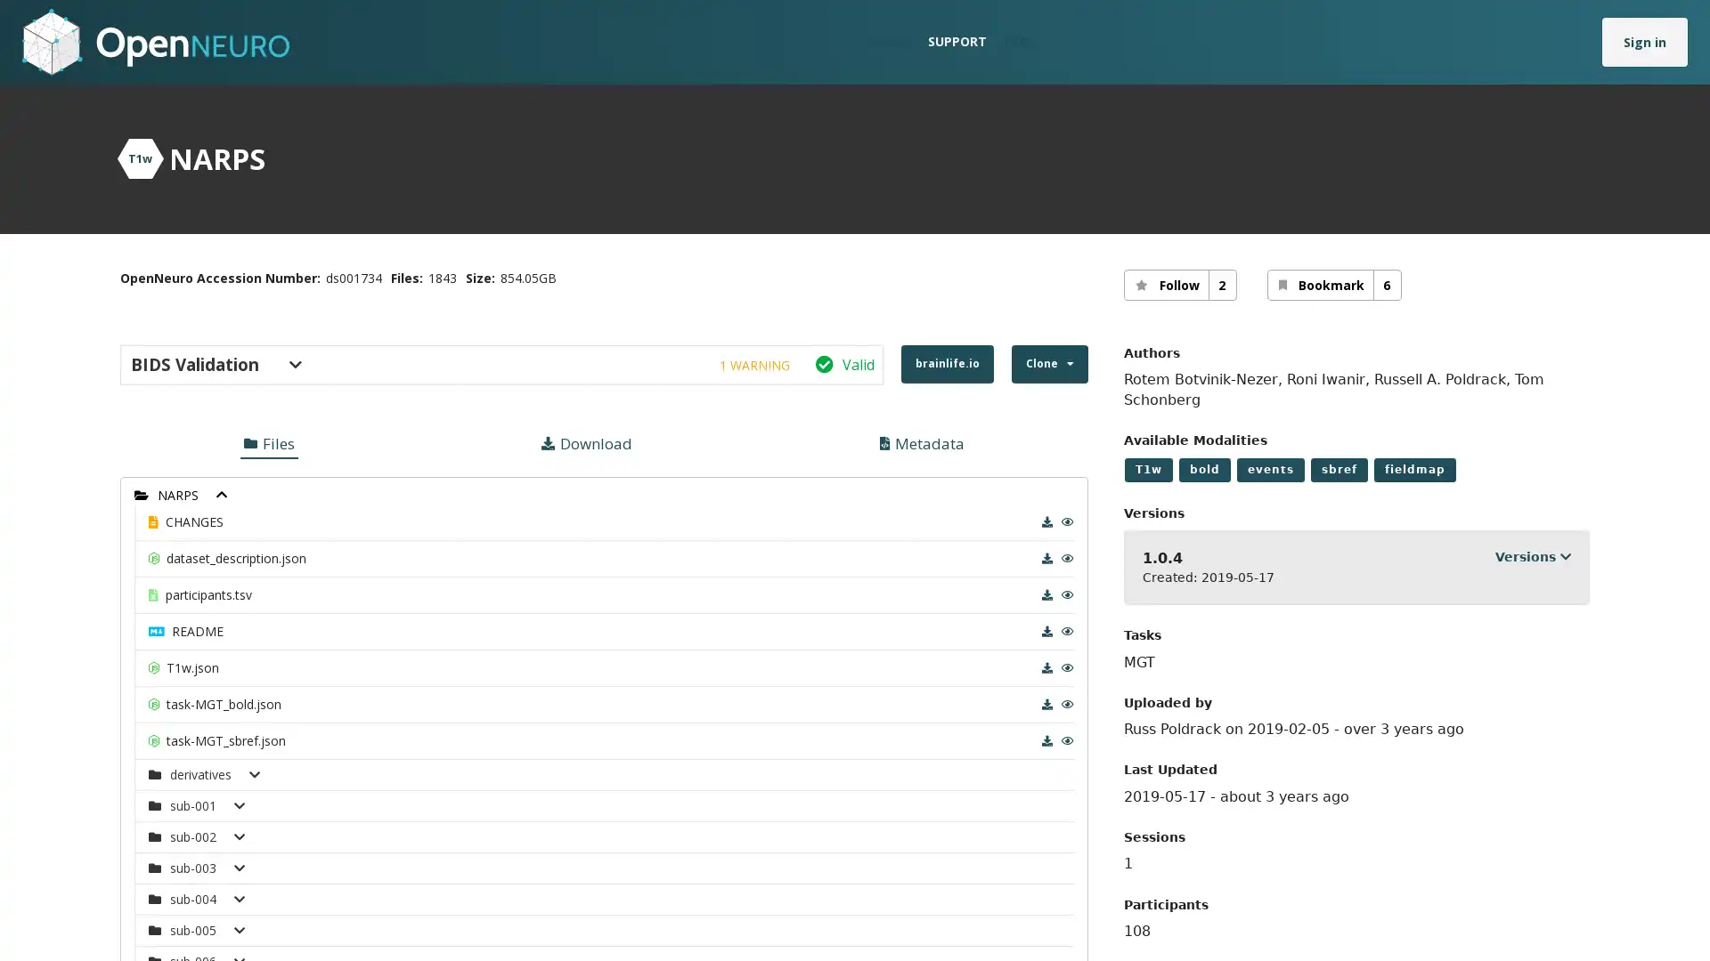 The image size is (1710, 961). Describe the element at coordinates (1179, 284) in the screenshot. I see `Follow` at that location.